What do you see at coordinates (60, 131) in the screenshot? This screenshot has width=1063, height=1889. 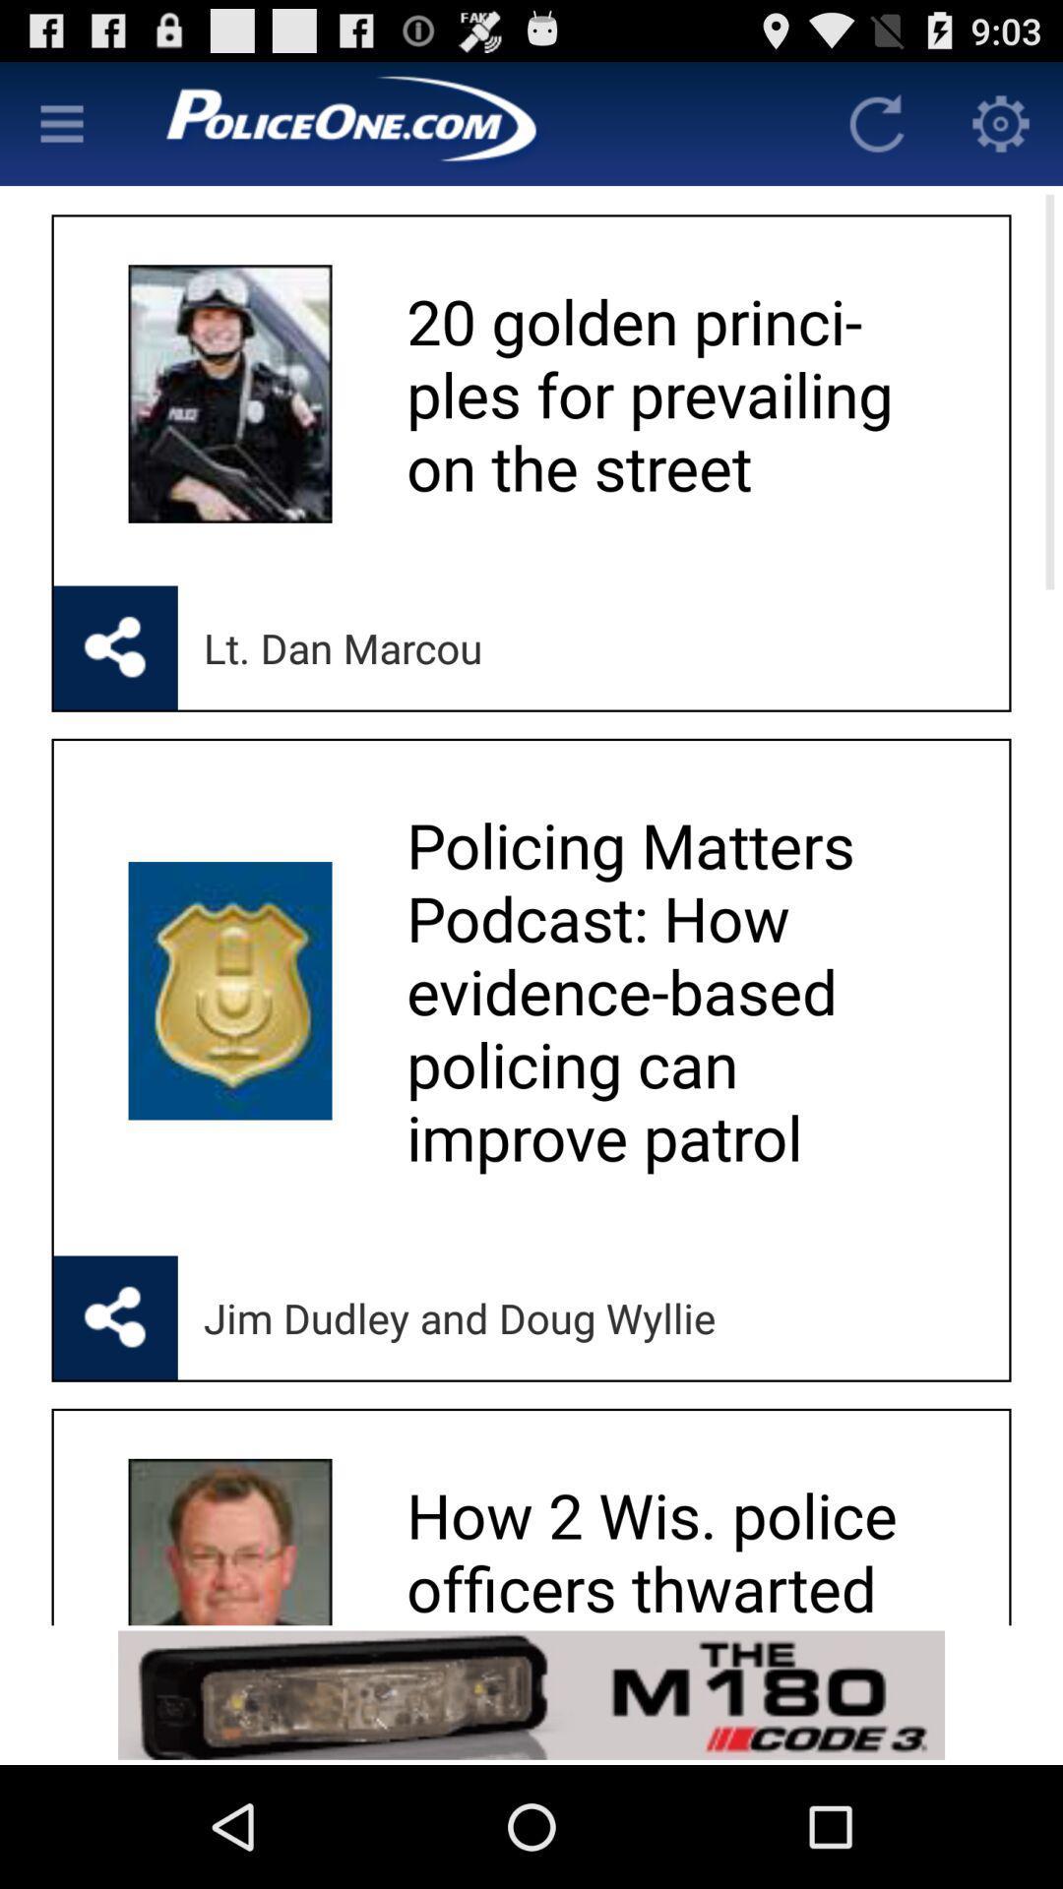 I see `the menu icon` at bounding box center [60, 131].